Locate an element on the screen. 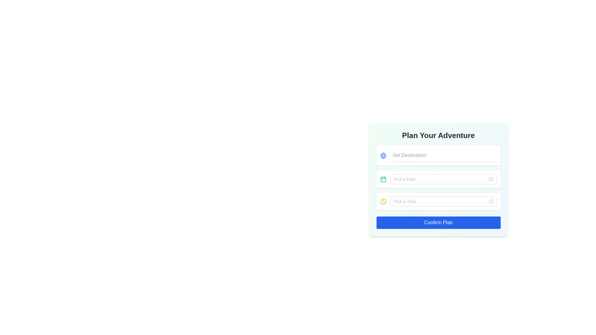 The width and height of the screenshot is (596, 335). the date input field with placeholder 'Pick a Date' is located at coordinates (438, 180).